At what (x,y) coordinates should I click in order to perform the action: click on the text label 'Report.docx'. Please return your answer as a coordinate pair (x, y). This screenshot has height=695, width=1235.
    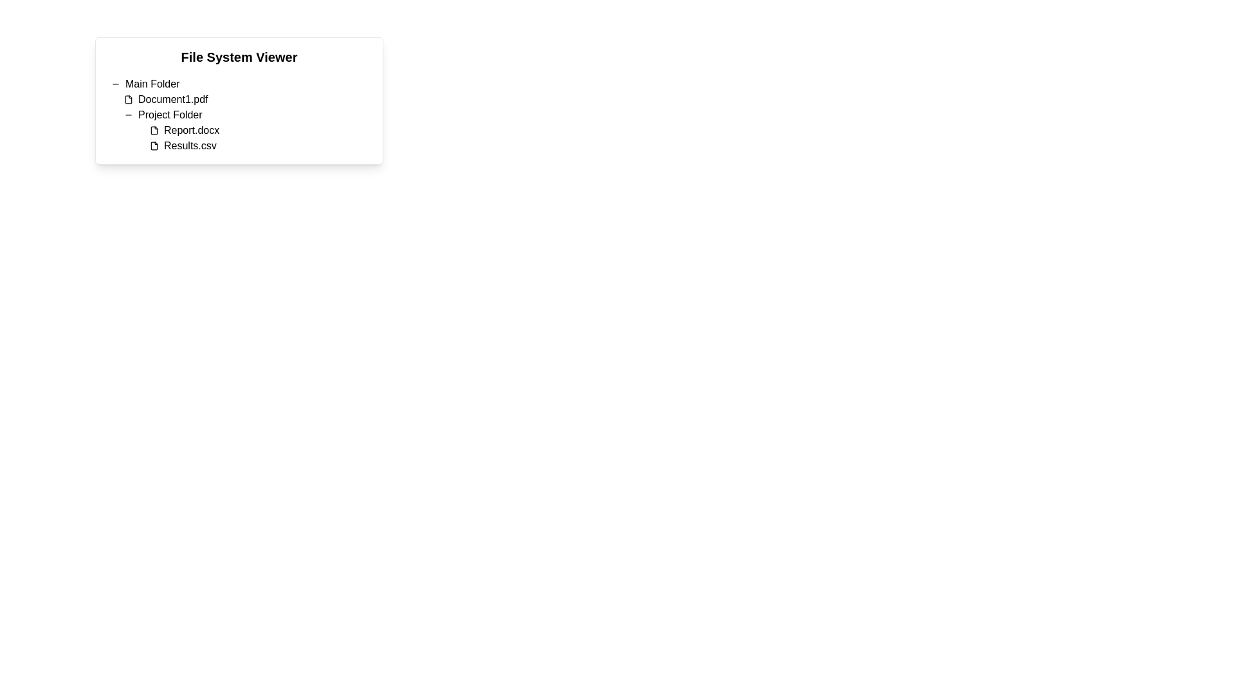
    Looking at the image, I should click on (190, 131).